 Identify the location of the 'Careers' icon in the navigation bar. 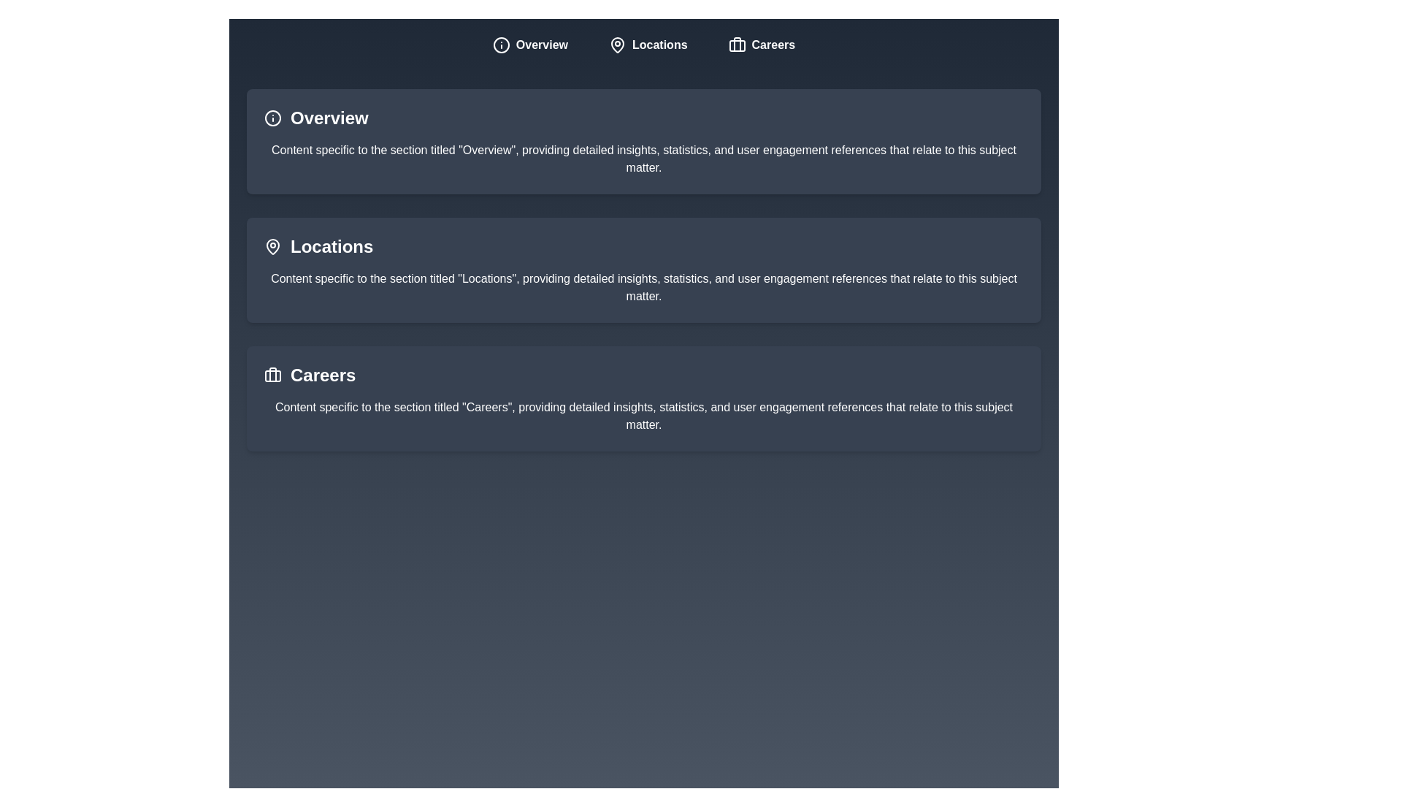
(737, 44).